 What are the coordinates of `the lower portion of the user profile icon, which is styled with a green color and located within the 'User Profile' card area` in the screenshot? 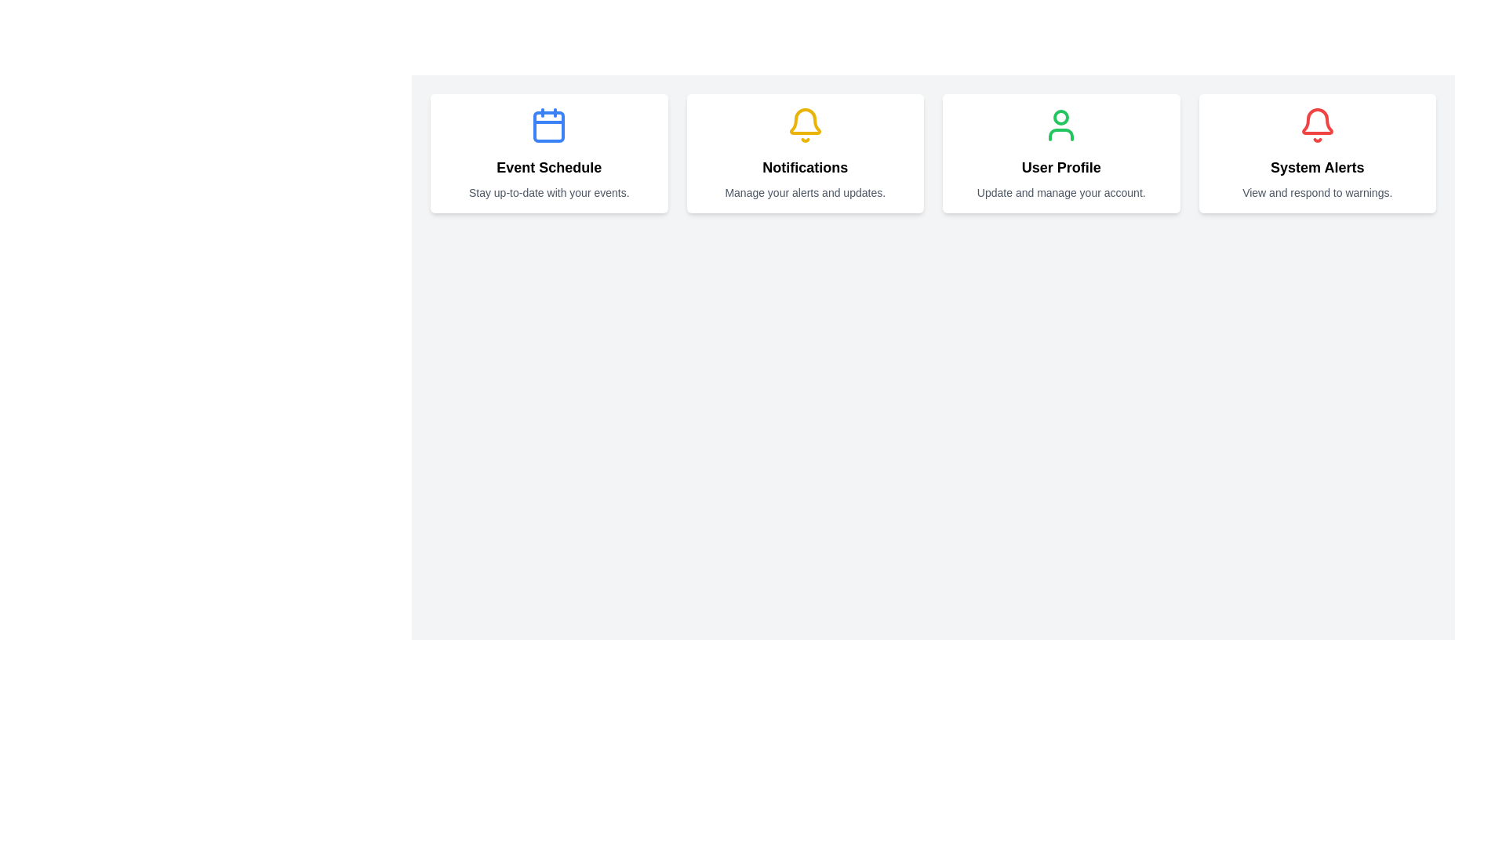 It's located at (1061, 134).